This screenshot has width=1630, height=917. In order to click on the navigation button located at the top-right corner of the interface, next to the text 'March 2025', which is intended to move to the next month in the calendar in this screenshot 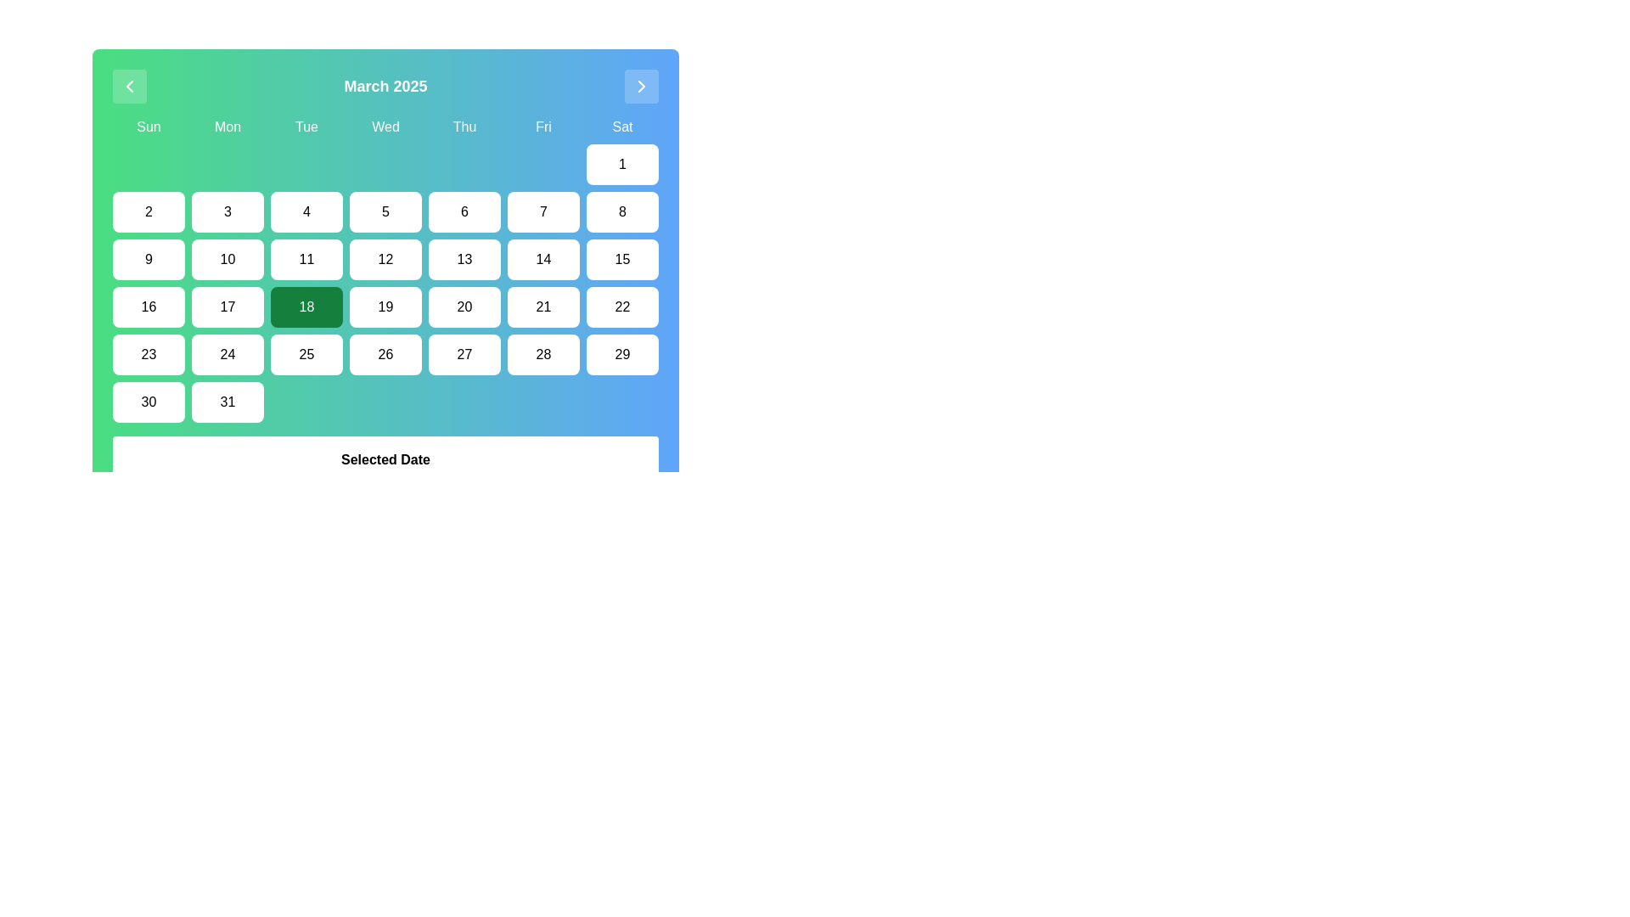, I will do `click(640, 86)`.